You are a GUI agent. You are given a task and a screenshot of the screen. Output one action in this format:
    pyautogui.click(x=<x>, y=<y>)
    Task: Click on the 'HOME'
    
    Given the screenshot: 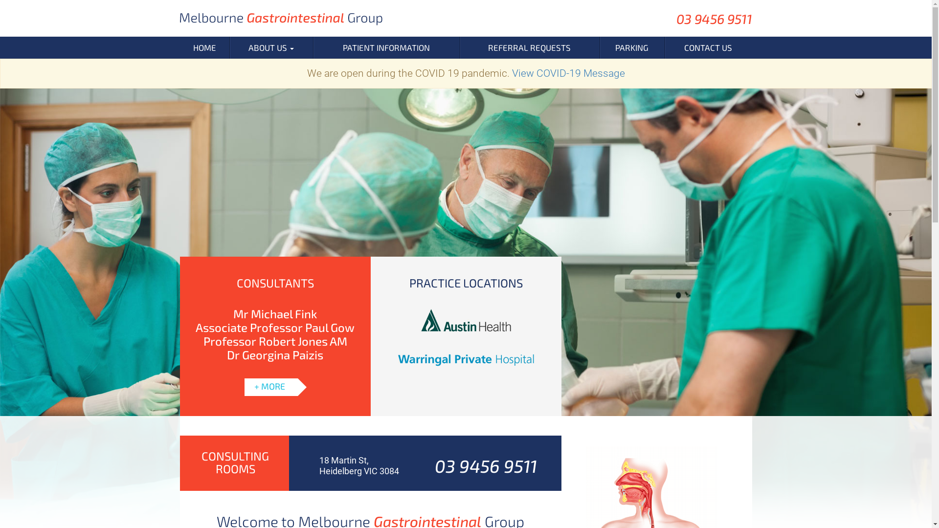 What is the action you would take?
    pyautogui.click(x=204, y=47)
    